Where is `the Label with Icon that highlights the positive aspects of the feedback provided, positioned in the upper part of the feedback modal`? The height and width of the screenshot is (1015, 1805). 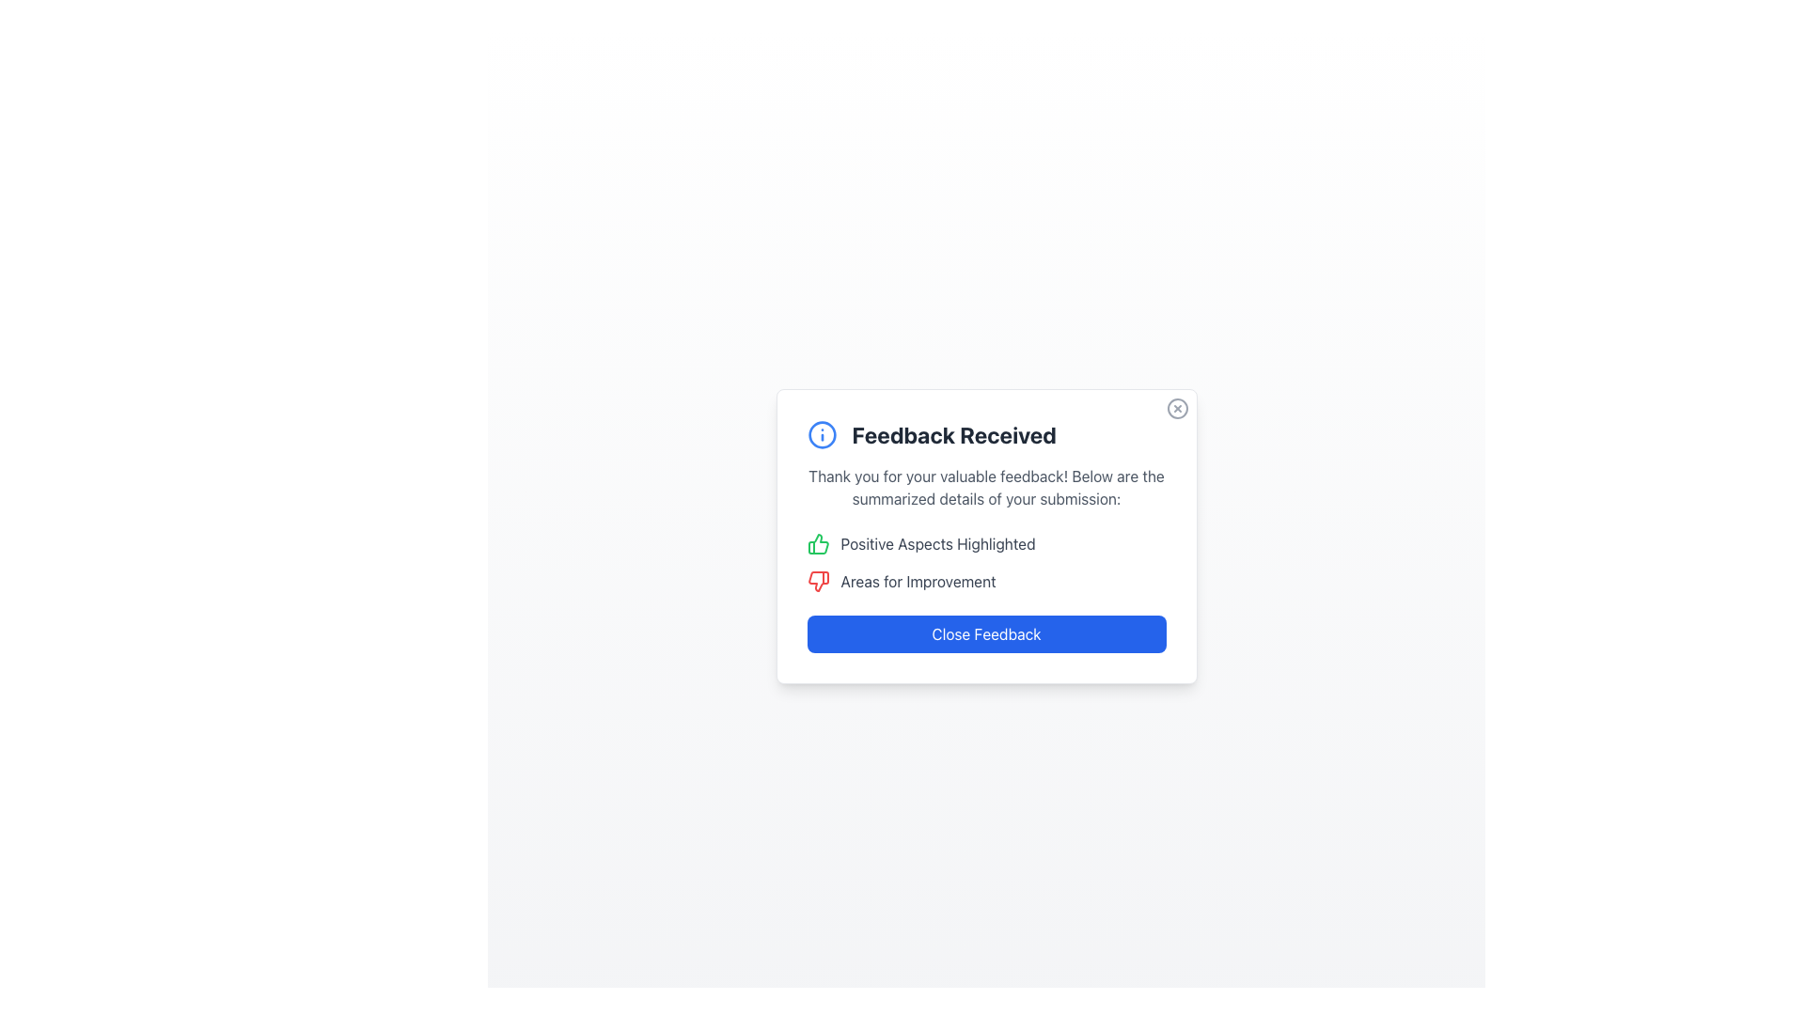
the Label with Icon that highlights the positive aspects of the feedback provided, positioned in the upper part of the feedback modal is located at coordinates (985, 543).